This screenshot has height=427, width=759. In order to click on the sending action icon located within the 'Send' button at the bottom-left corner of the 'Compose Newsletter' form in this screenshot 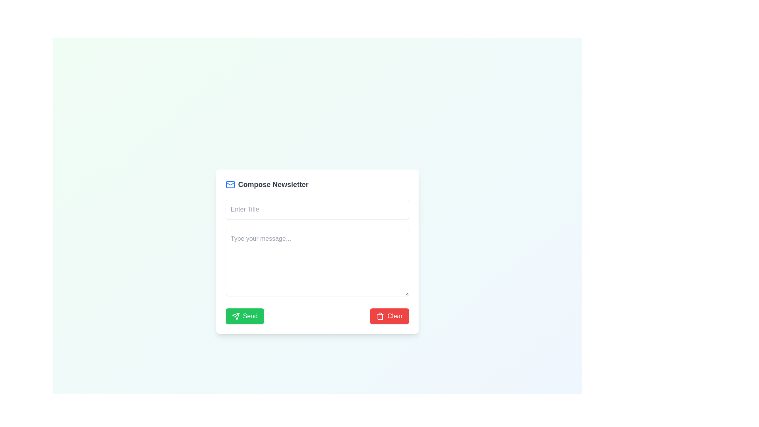, I will do `click(235, 316)`.